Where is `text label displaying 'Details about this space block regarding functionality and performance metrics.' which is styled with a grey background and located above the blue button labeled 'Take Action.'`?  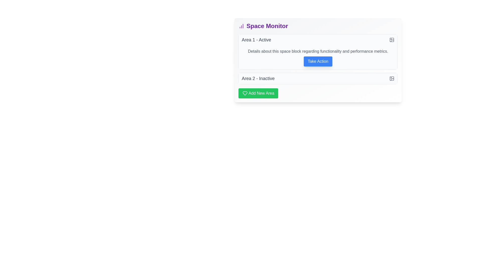 text label displaying 'Details about this space block regarding functionality and performance metrics.' which is styled with a grey background and located above the blue button labeled 'Take Action.' is located at coordinates (318, 51).